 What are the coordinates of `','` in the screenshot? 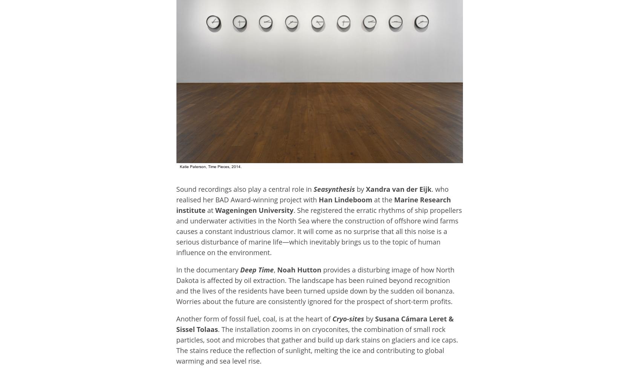 It's located at (275, 269).